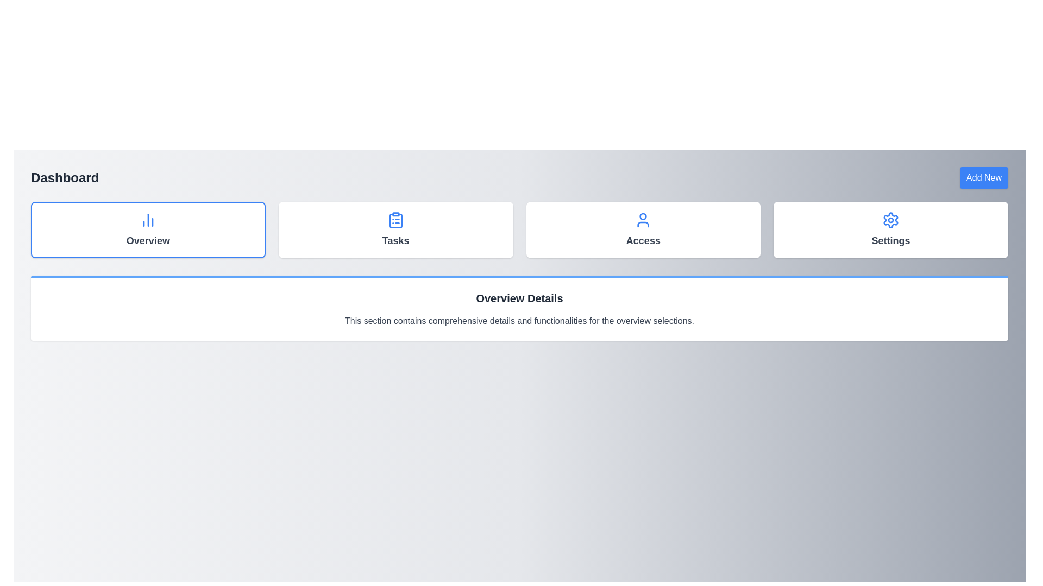 Image resolution: width=1043 pixels, height=586 pixels. I want to click on the 'Settings' card, which is the last card in a row of four cards, so click(891, 230).